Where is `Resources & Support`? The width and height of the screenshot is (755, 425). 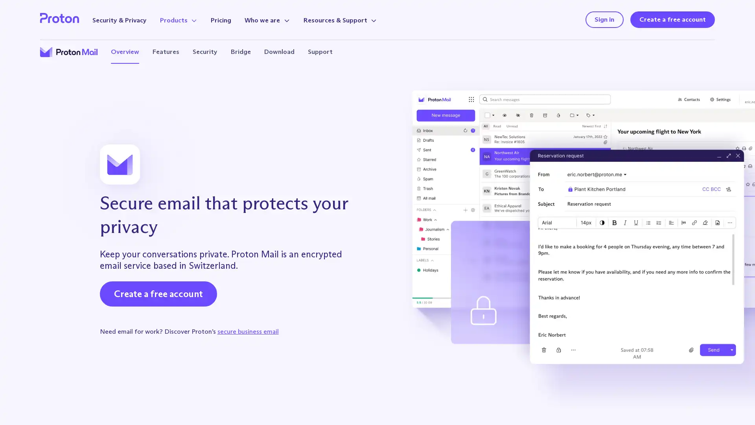
Resources & Support is located at coordinates (340, 20).